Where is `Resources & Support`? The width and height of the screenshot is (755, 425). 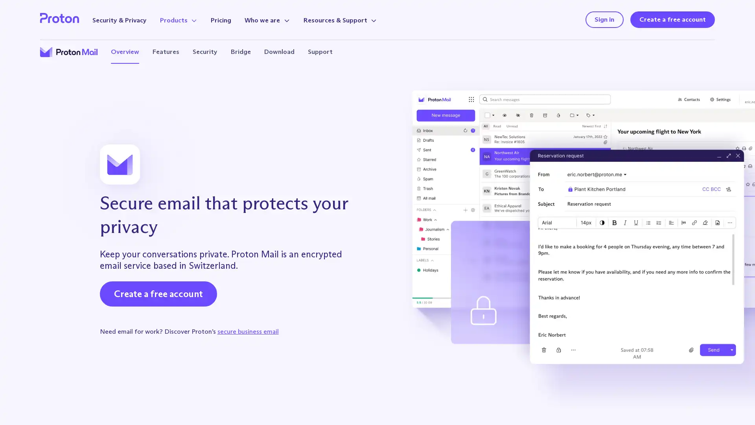
Resources & Support is located at coordinates (340, 20).